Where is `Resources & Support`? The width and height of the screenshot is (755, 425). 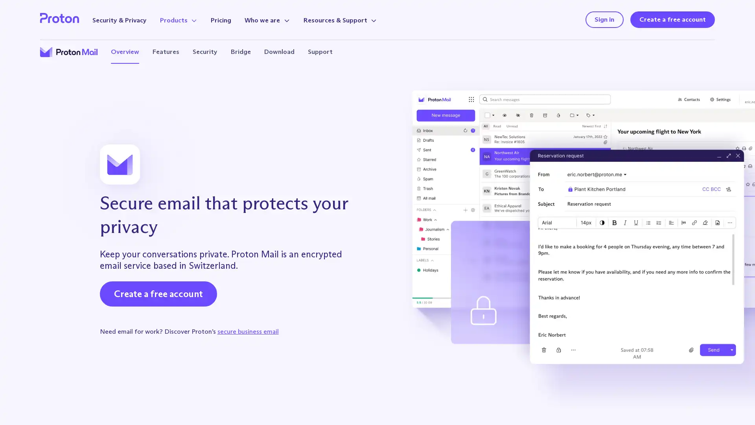
Resources & Support is located at coordinates (340, 20).